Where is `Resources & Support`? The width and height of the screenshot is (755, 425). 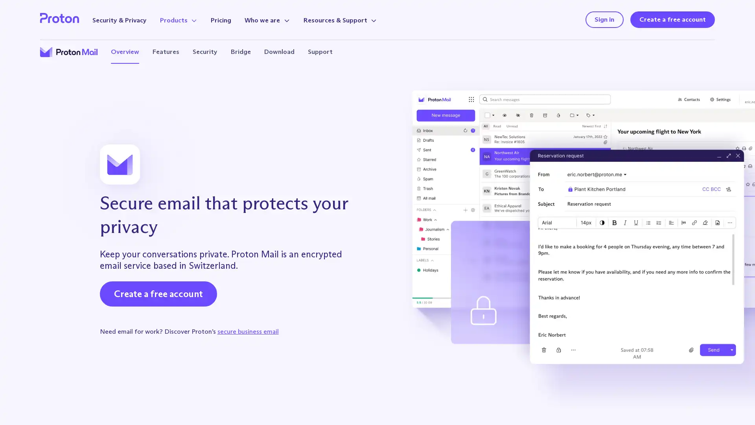
Resources & Support is located at coordinates (340, 20).